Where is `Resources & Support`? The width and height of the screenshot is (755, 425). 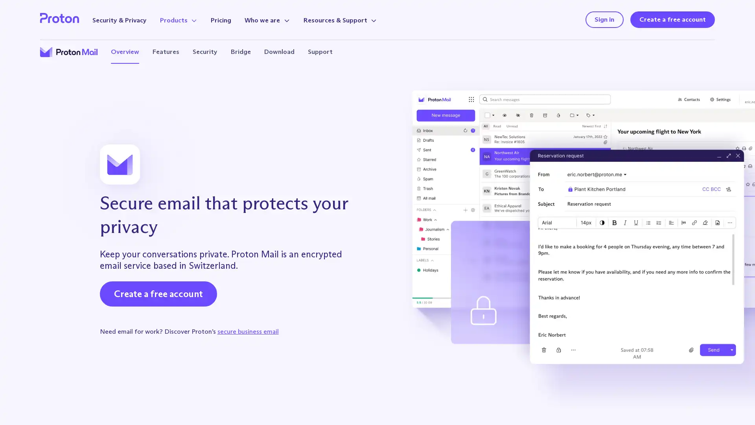
Resources & Support is located at coordinates (340, 20).